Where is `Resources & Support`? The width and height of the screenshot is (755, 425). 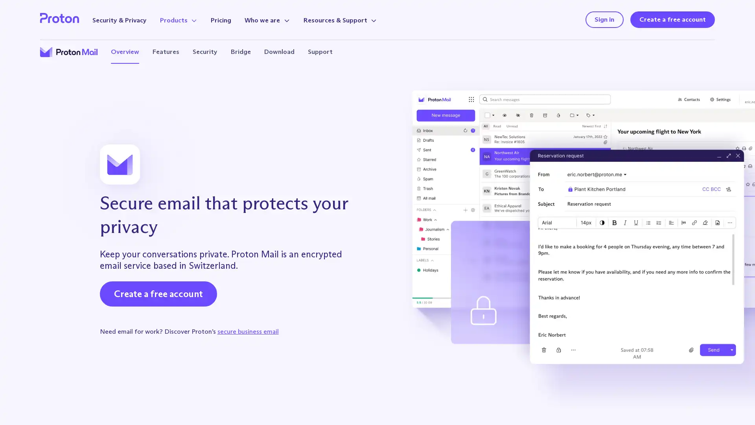
Resources & Support is located at coordinates (340, 20).